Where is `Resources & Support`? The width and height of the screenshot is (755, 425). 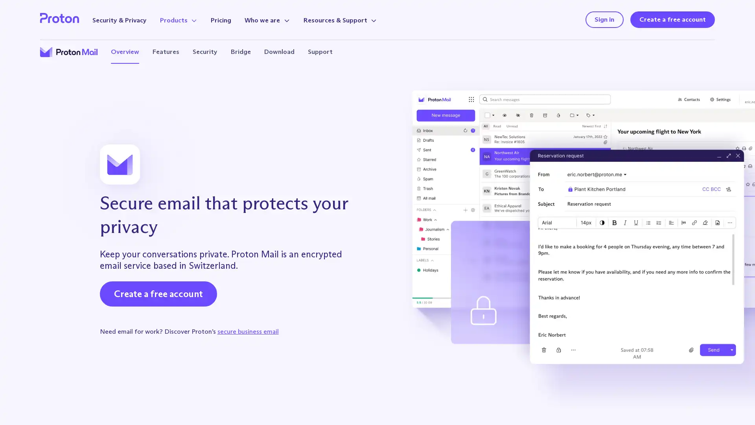
Resources & Support is located at coordinates (340, 20).